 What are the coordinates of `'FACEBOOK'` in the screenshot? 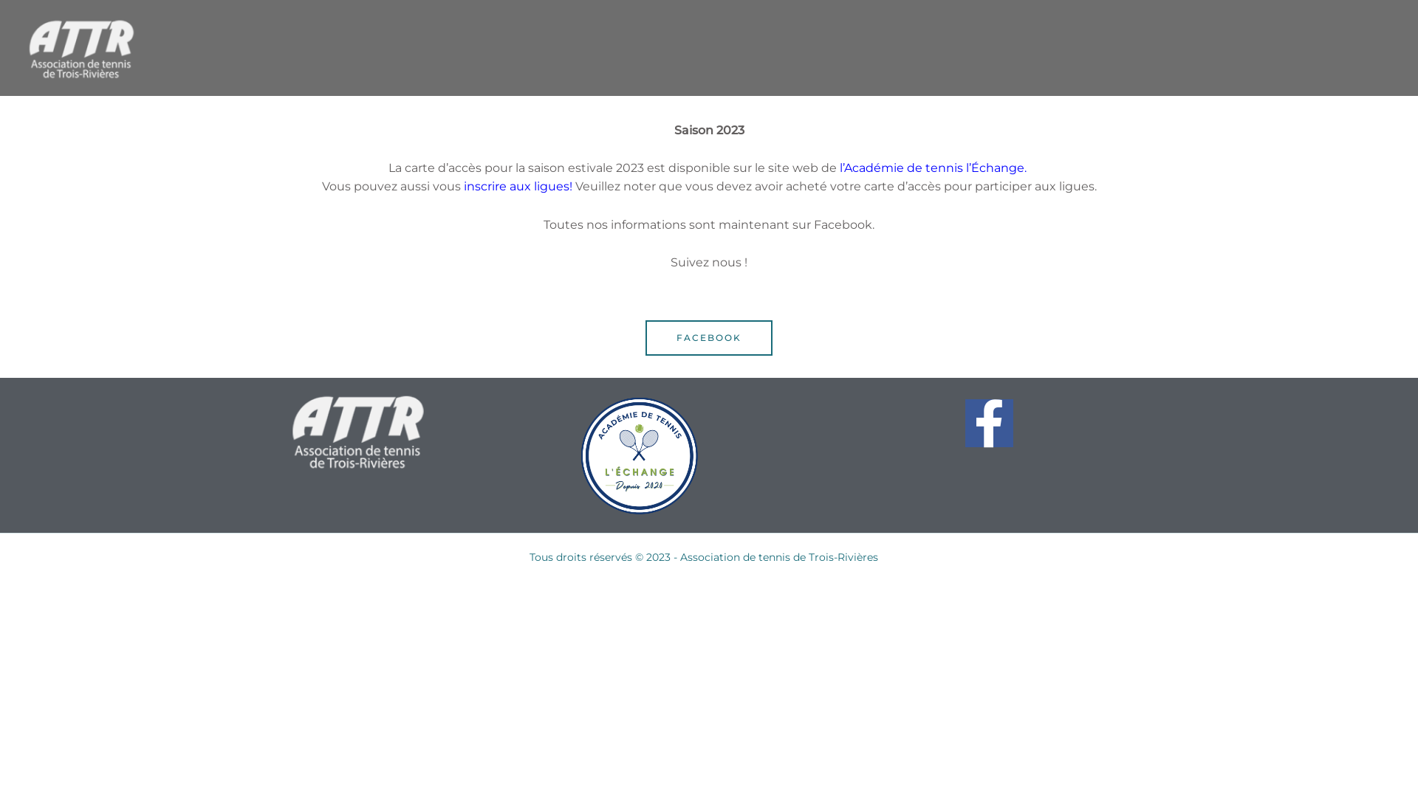 It's located at (709, 338).